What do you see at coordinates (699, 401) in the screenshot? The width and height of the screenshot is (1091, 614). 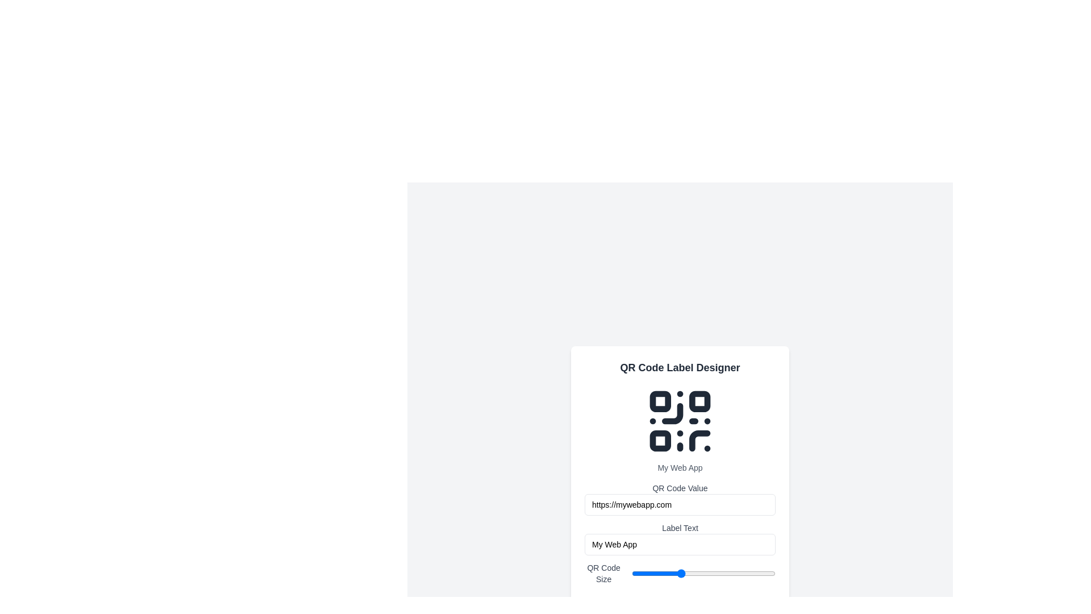 I see `the small square graphic element with rounded corners located towards the top right corner of the QR code` at bounding box center [699, 401].